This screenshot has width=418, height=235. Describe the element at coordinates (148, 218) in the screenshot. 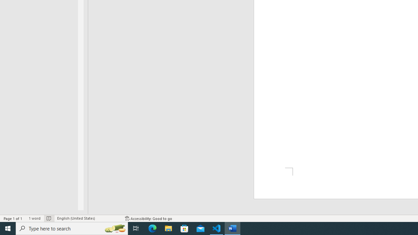

I see `'Accessibility Checker Accessibility: Good to go'` at that location.